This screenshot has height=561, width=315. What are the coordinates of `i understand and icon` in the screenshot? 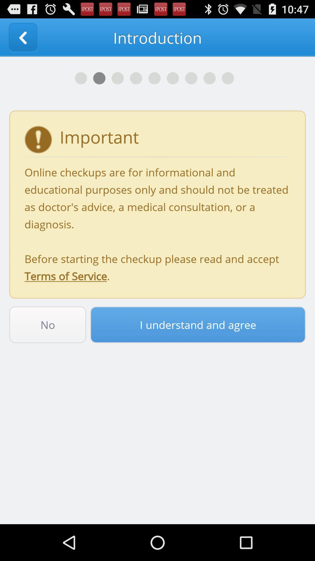 It's located at (197, 324).